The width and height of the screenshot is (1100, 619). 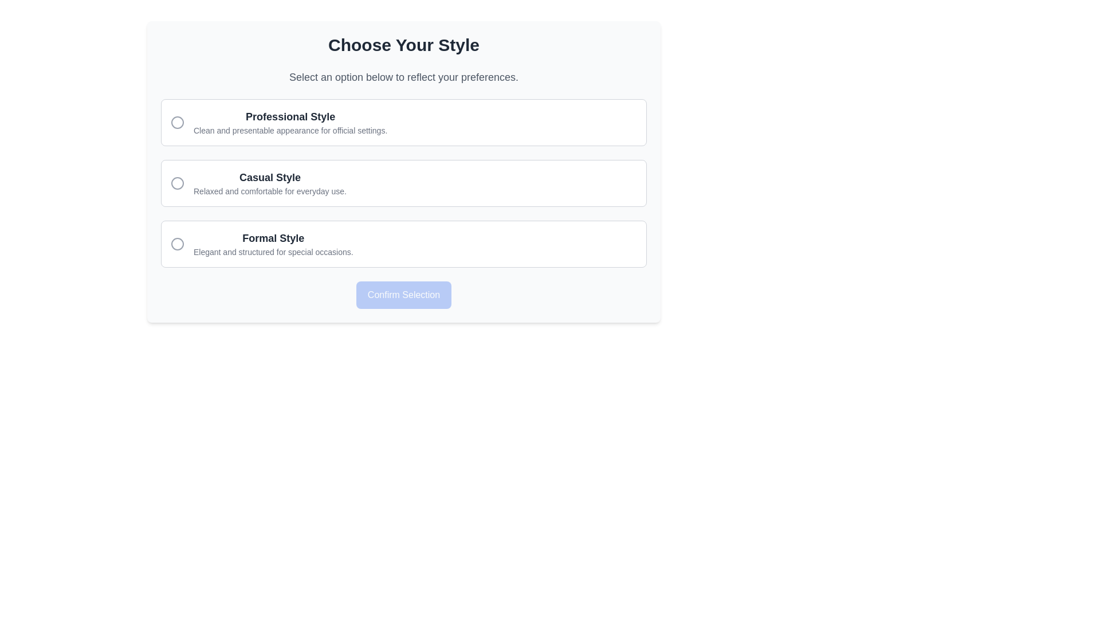 What do you see at coordinates (273, 243) in the screenshot?
I see `the Text Display element that shows 'Formal Style' and provides a description of 'Elegant and structured for special occasions.' This element is located below 'Casual Style' and above the 'Confirm Selection' button` at bounding box center [273, 243].